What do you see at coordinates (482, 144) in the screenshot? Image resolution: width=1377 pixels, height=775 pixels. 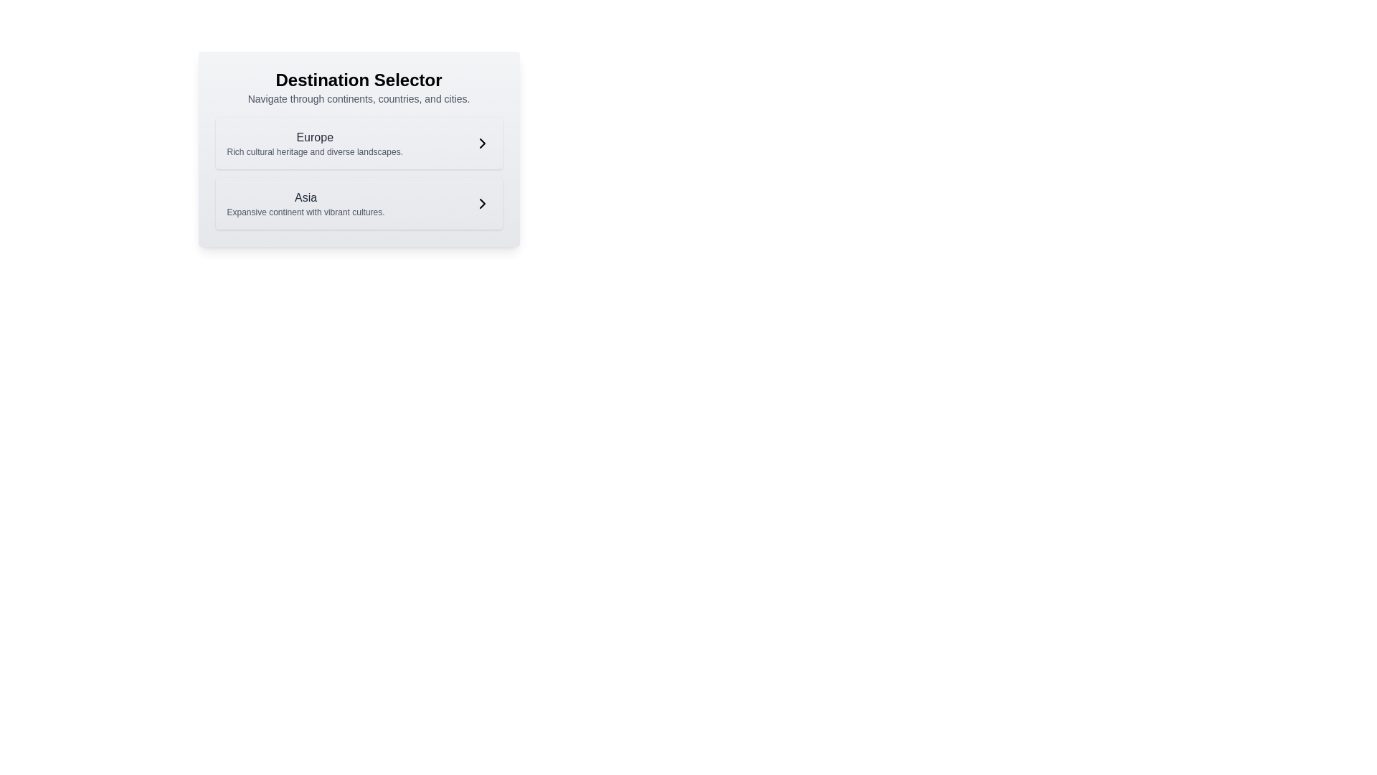 I see `the right-pointing chevron icon located to the far right of the 'Europe' text` at bounding box center [482, 144].